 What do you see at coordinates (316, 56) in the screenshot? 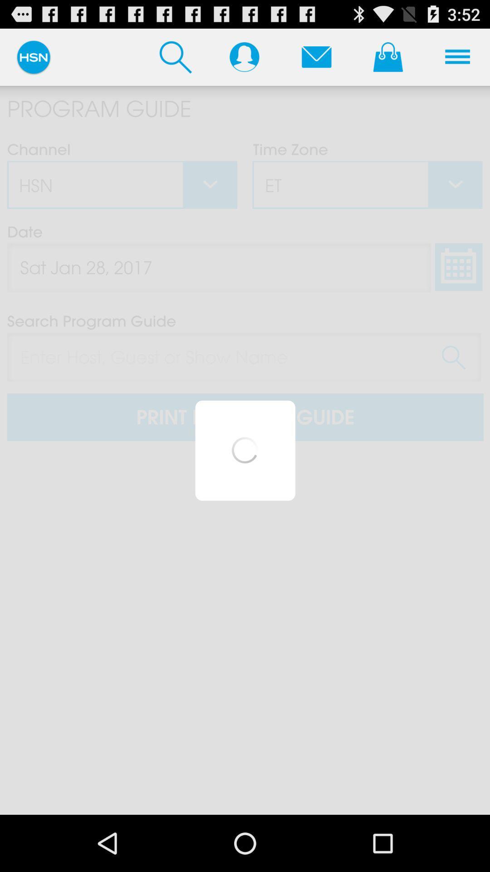
I see `look at email` at bounding box center [316, 56].